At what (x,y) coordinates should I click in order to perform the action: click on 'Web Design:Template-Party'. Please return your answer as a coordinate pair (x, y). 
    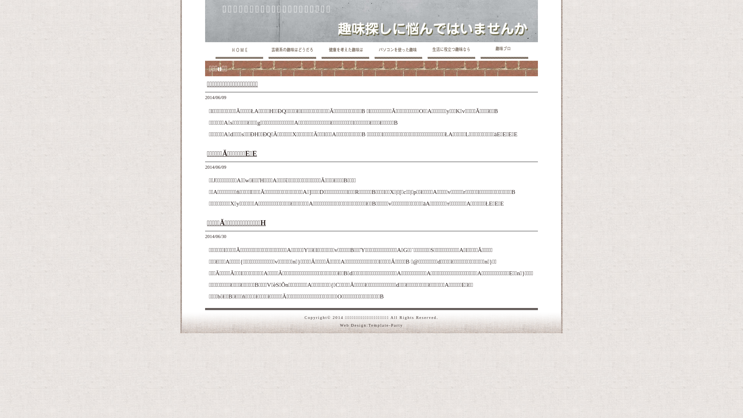
    Looking at the image, I should click on (371, 325).